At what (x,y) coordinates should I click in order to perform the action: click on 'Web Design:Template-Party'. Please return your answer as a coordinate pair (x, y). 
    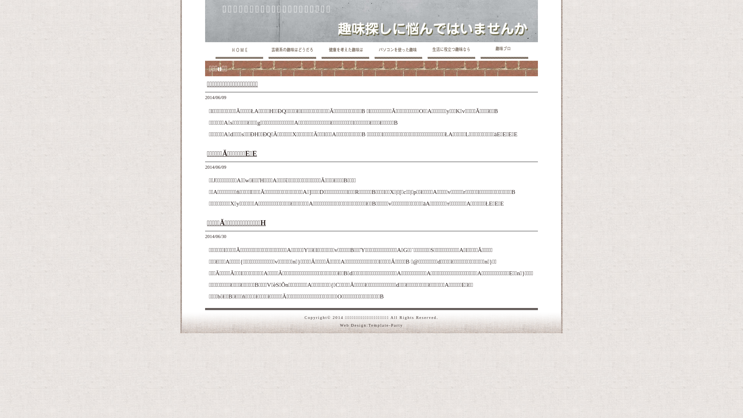
    Looking at the image, I should click on (371, 325).